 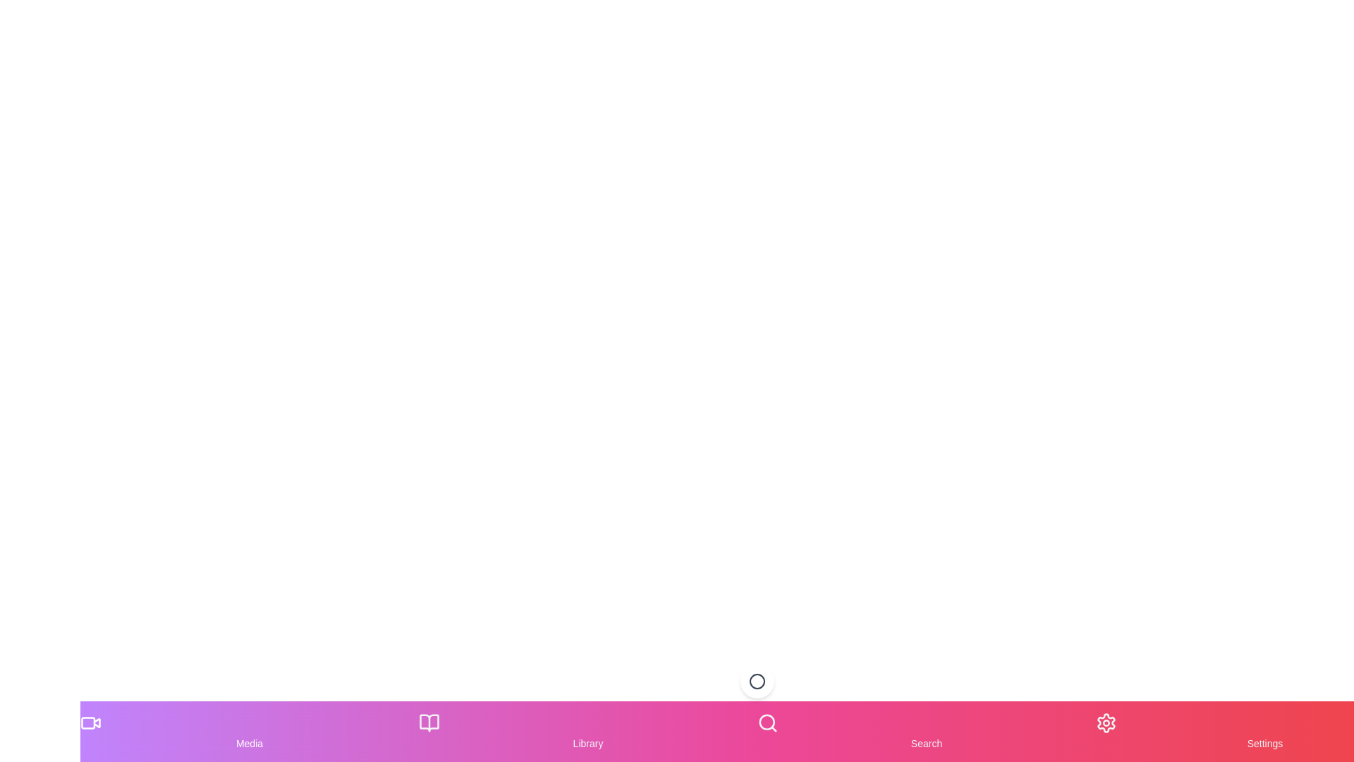 What do you see at coordinates (588, 731) in the screenshot?
I see `the Library tab in the bottom navigation menu` at bounding box center [588, 731].